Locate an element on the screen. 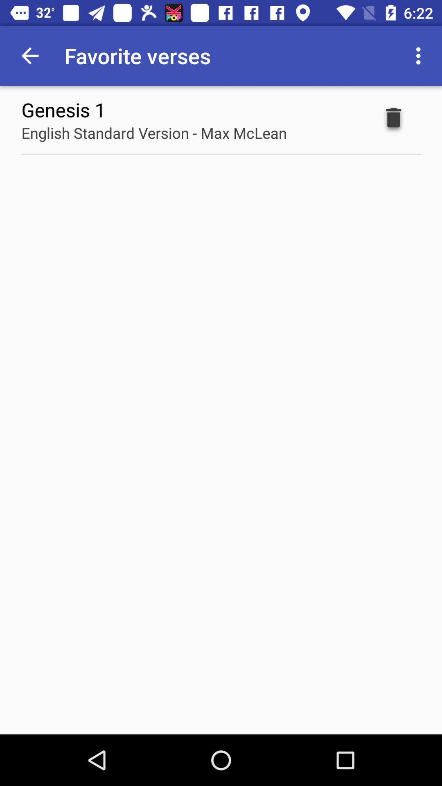 The image size is (442, 786). the icon below the genesis 1 item is located at coordinates (154, 133).